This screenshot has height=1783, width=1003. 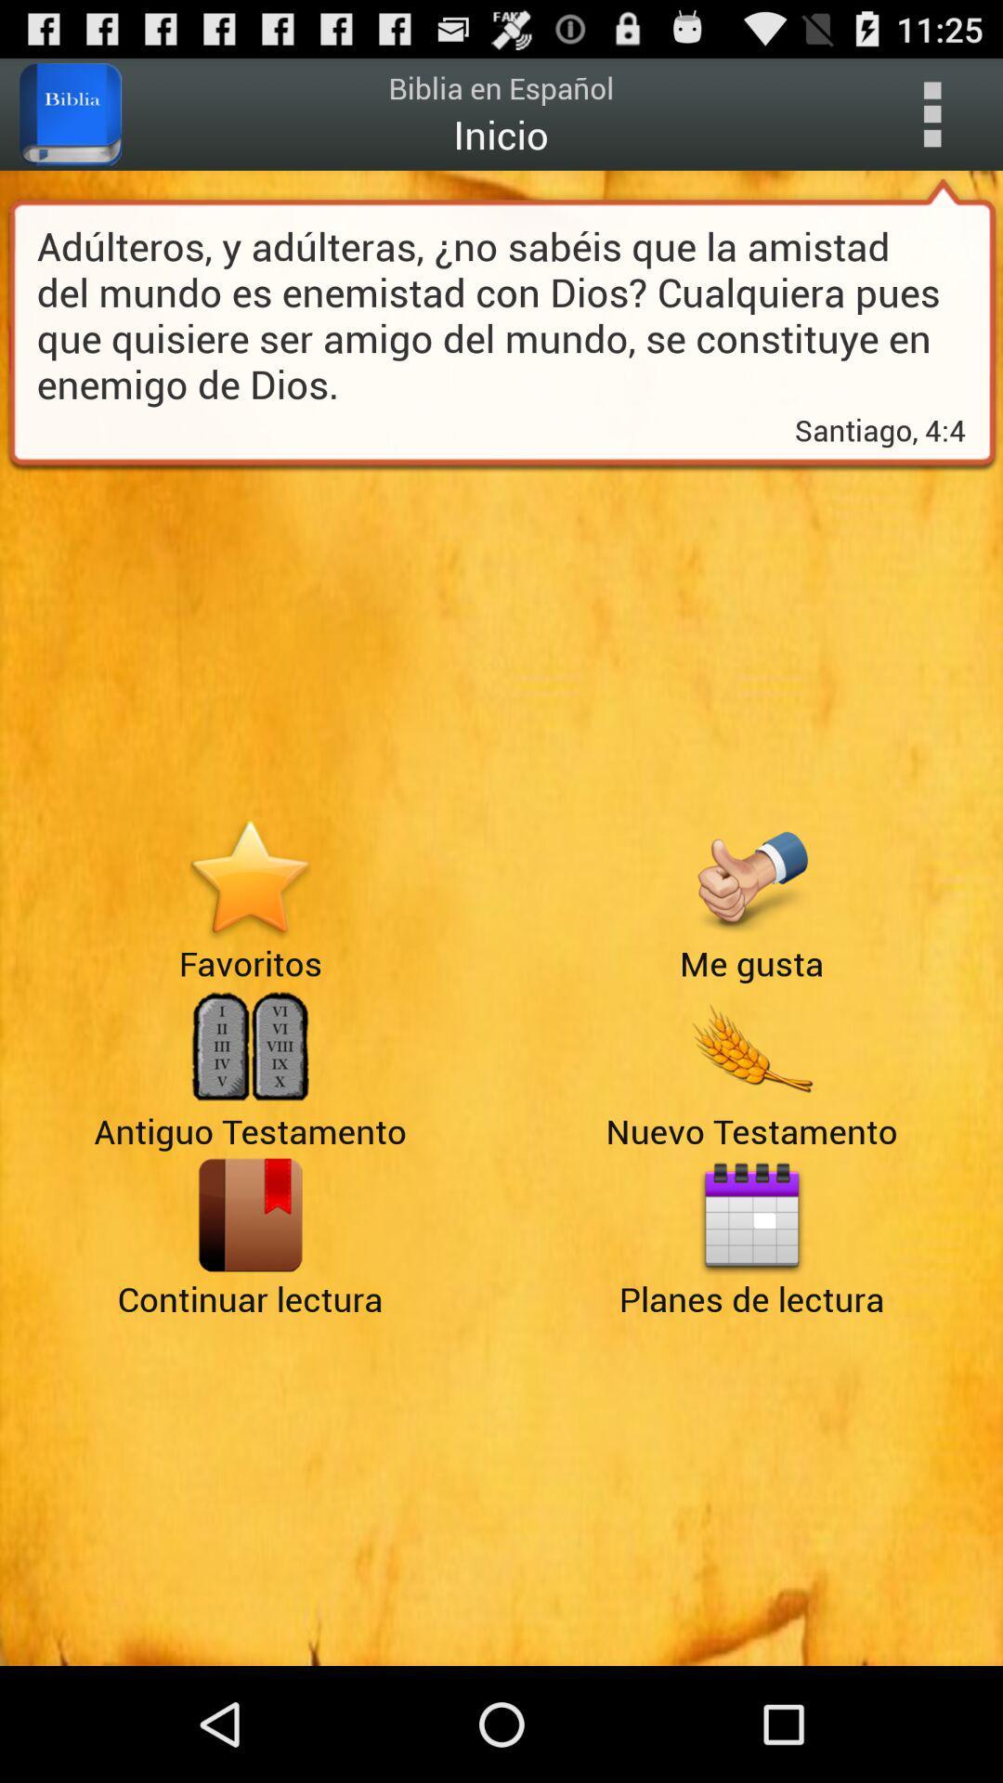 What do you see at coordinates (750, 1299) in the screenshot?
I see `the date_range icon` at bounding box center [750, 1299].